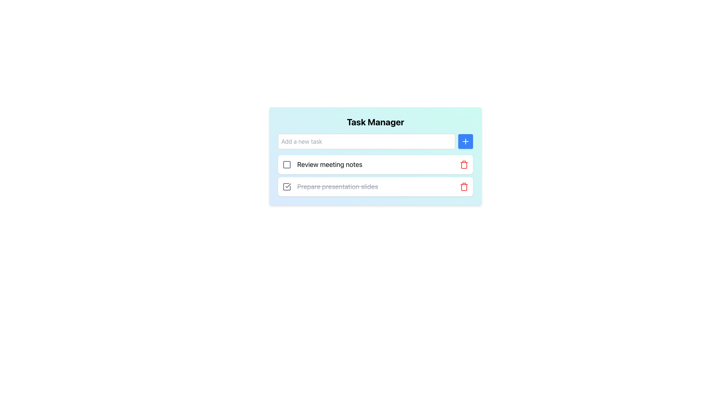 The width and height of the screenshot is (709, 398). Describe the element at coordinates (376, 164) in the screenshot. I see `the checkbox of the first task item labeled 'Review meeting notes' in the Task Manager to mark the task as completed` at that location.